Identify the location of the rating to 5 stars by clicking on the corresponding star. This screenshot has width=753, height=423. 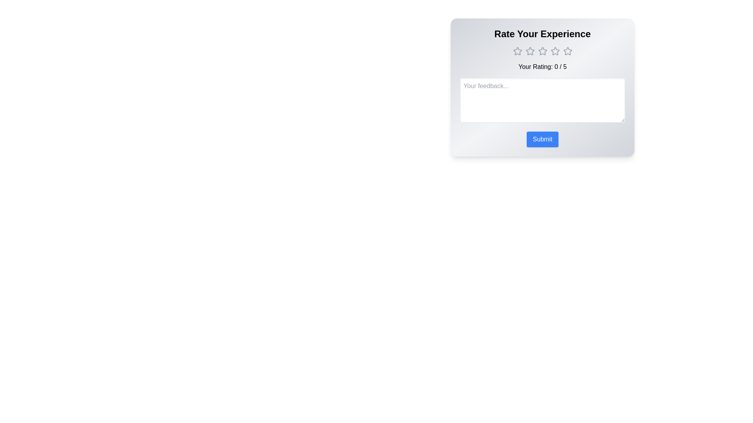
(567, 51).